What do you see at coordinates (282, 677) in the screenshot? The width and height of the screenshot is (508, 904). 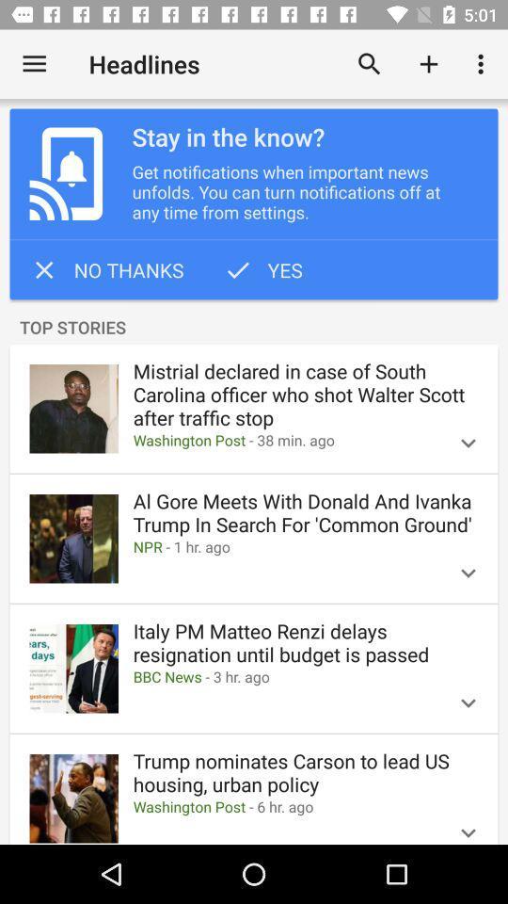 I see `the bbc news 3 icon` at bounding box center [282, 677].